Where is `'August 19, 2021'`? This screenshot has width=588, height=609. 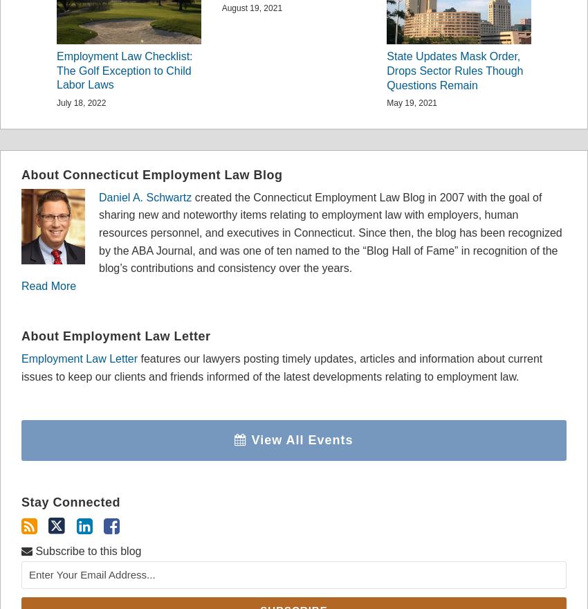
'August 19, 2021' is located at coordinates (250, 7).